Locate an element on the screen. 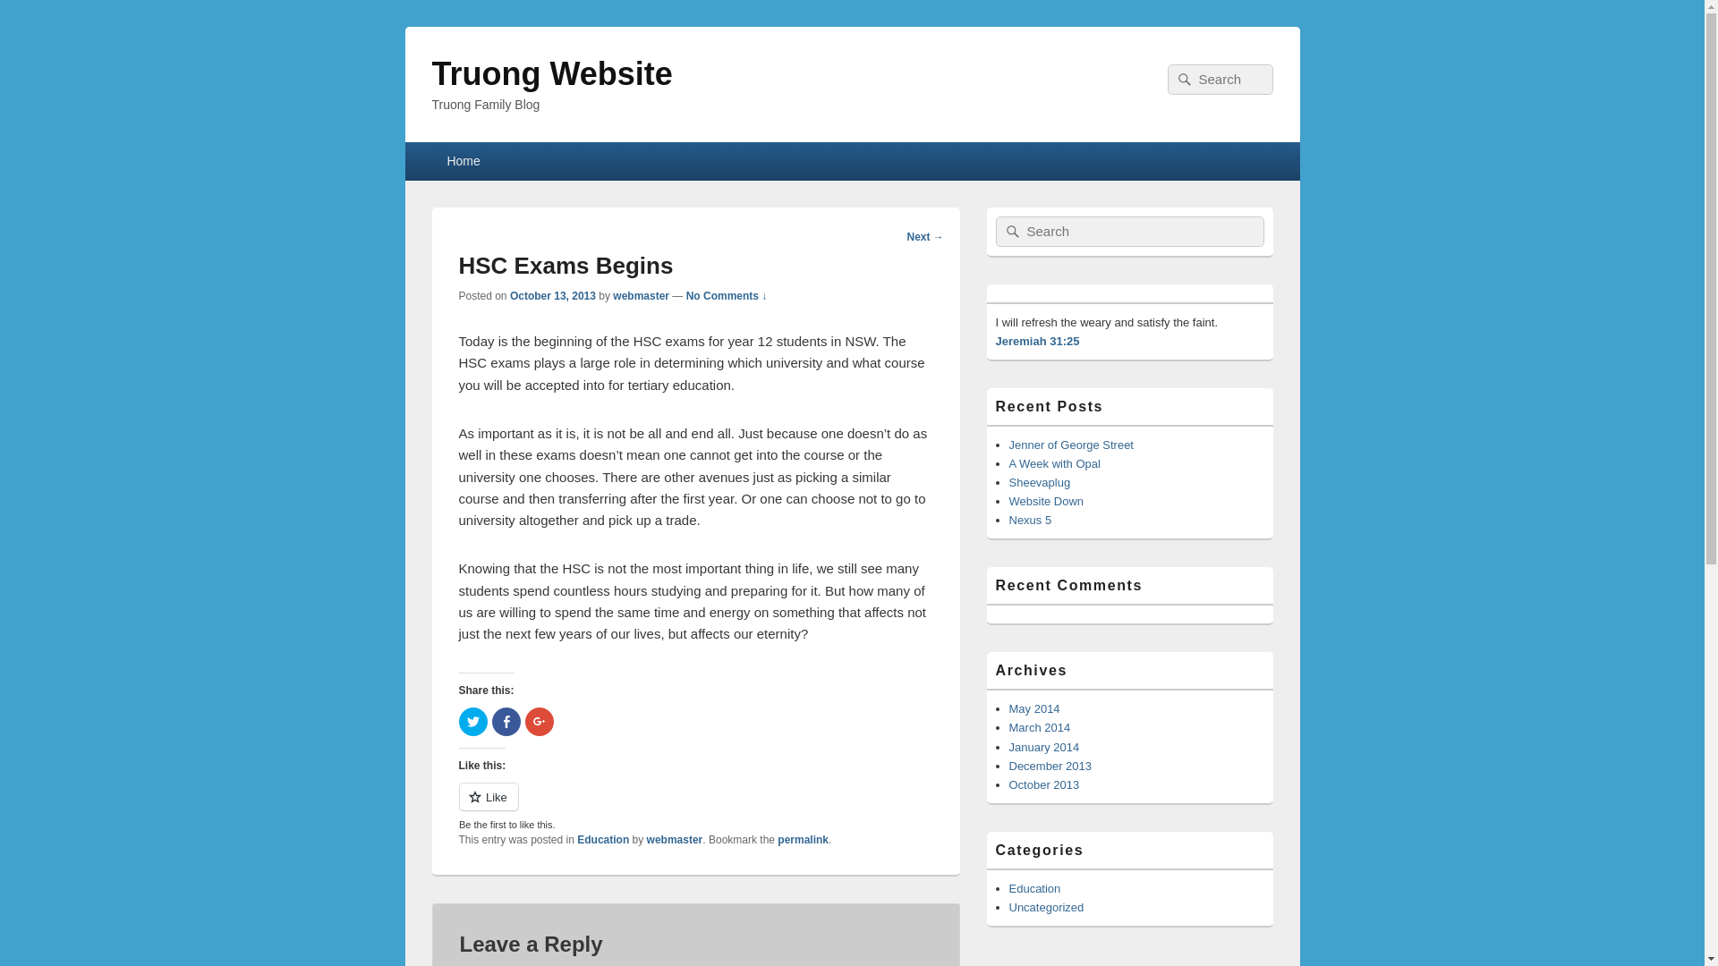 This screenshot has width=1718, height=966. 'webmaster' is located at coordinates (613, 295).